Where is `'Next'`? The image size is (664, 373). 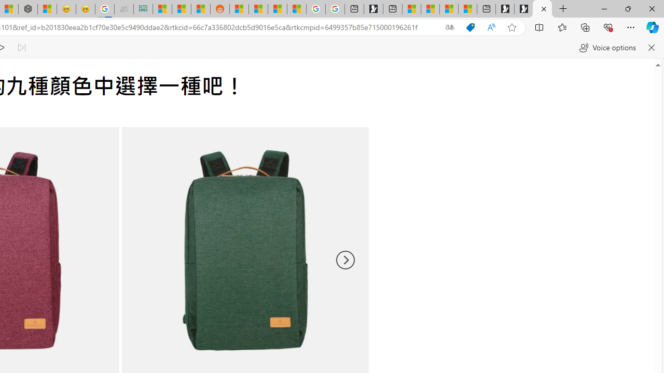
'Next' is located at coordinates (344, 259).